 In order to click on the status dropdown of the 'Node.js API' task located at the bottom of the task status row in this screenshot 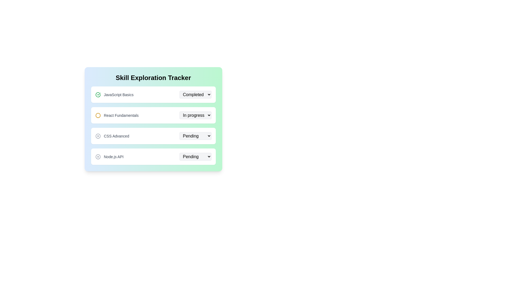, I will do `click(153, 157)`.